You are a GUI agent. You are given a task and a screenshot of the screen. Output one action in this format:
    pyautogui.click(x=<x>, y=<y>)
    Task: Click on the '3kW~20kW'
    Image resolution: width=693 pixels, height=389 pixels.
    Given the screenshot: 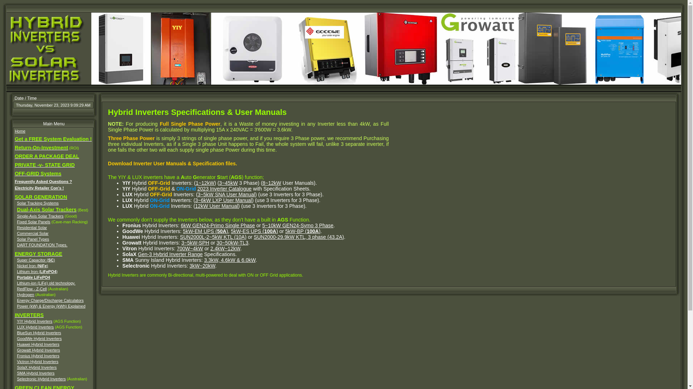 What is the action you would take?
    pyautogui.click(x=202, y=265)
    